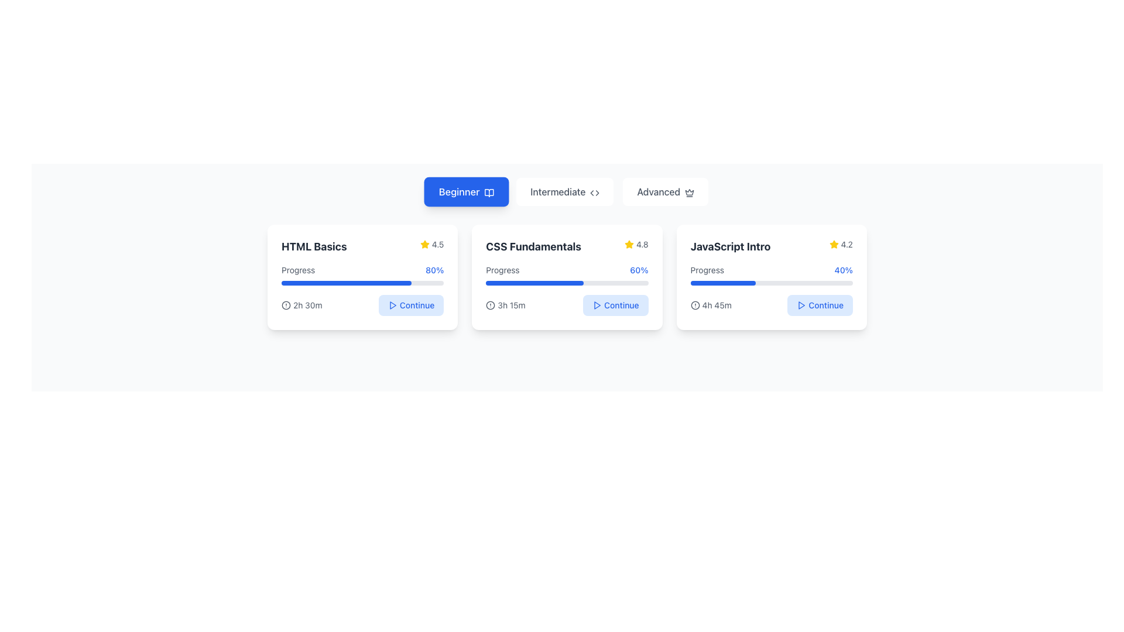  I want to click on the text label within the 'Continue' button located in the CSS Fundamentals card under the 'Beginner' tab, so click(621, 304).